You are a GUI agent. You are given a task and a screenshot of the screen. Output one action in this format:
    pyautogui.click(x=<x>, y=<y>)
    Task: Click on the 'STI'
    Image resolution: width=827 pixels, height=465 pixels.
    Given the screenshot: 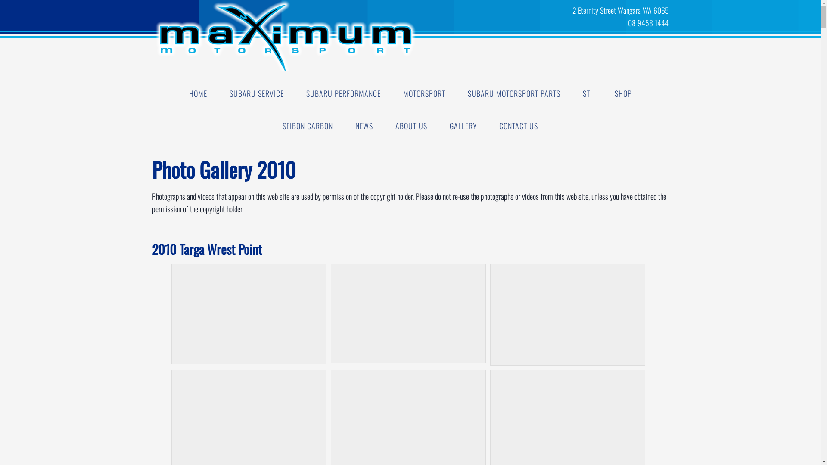 What is the action you would take?
    pyautogui.click(x=587, y=93)
    